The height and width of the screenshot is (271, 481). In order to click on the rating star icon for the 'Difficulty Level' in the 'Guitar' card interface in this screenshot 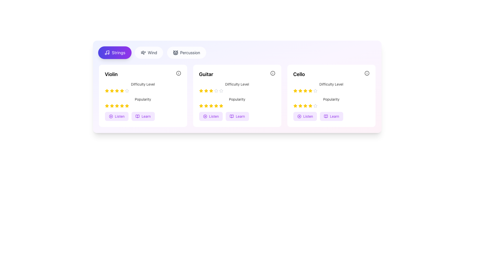, I will do `click(201, 91)`.